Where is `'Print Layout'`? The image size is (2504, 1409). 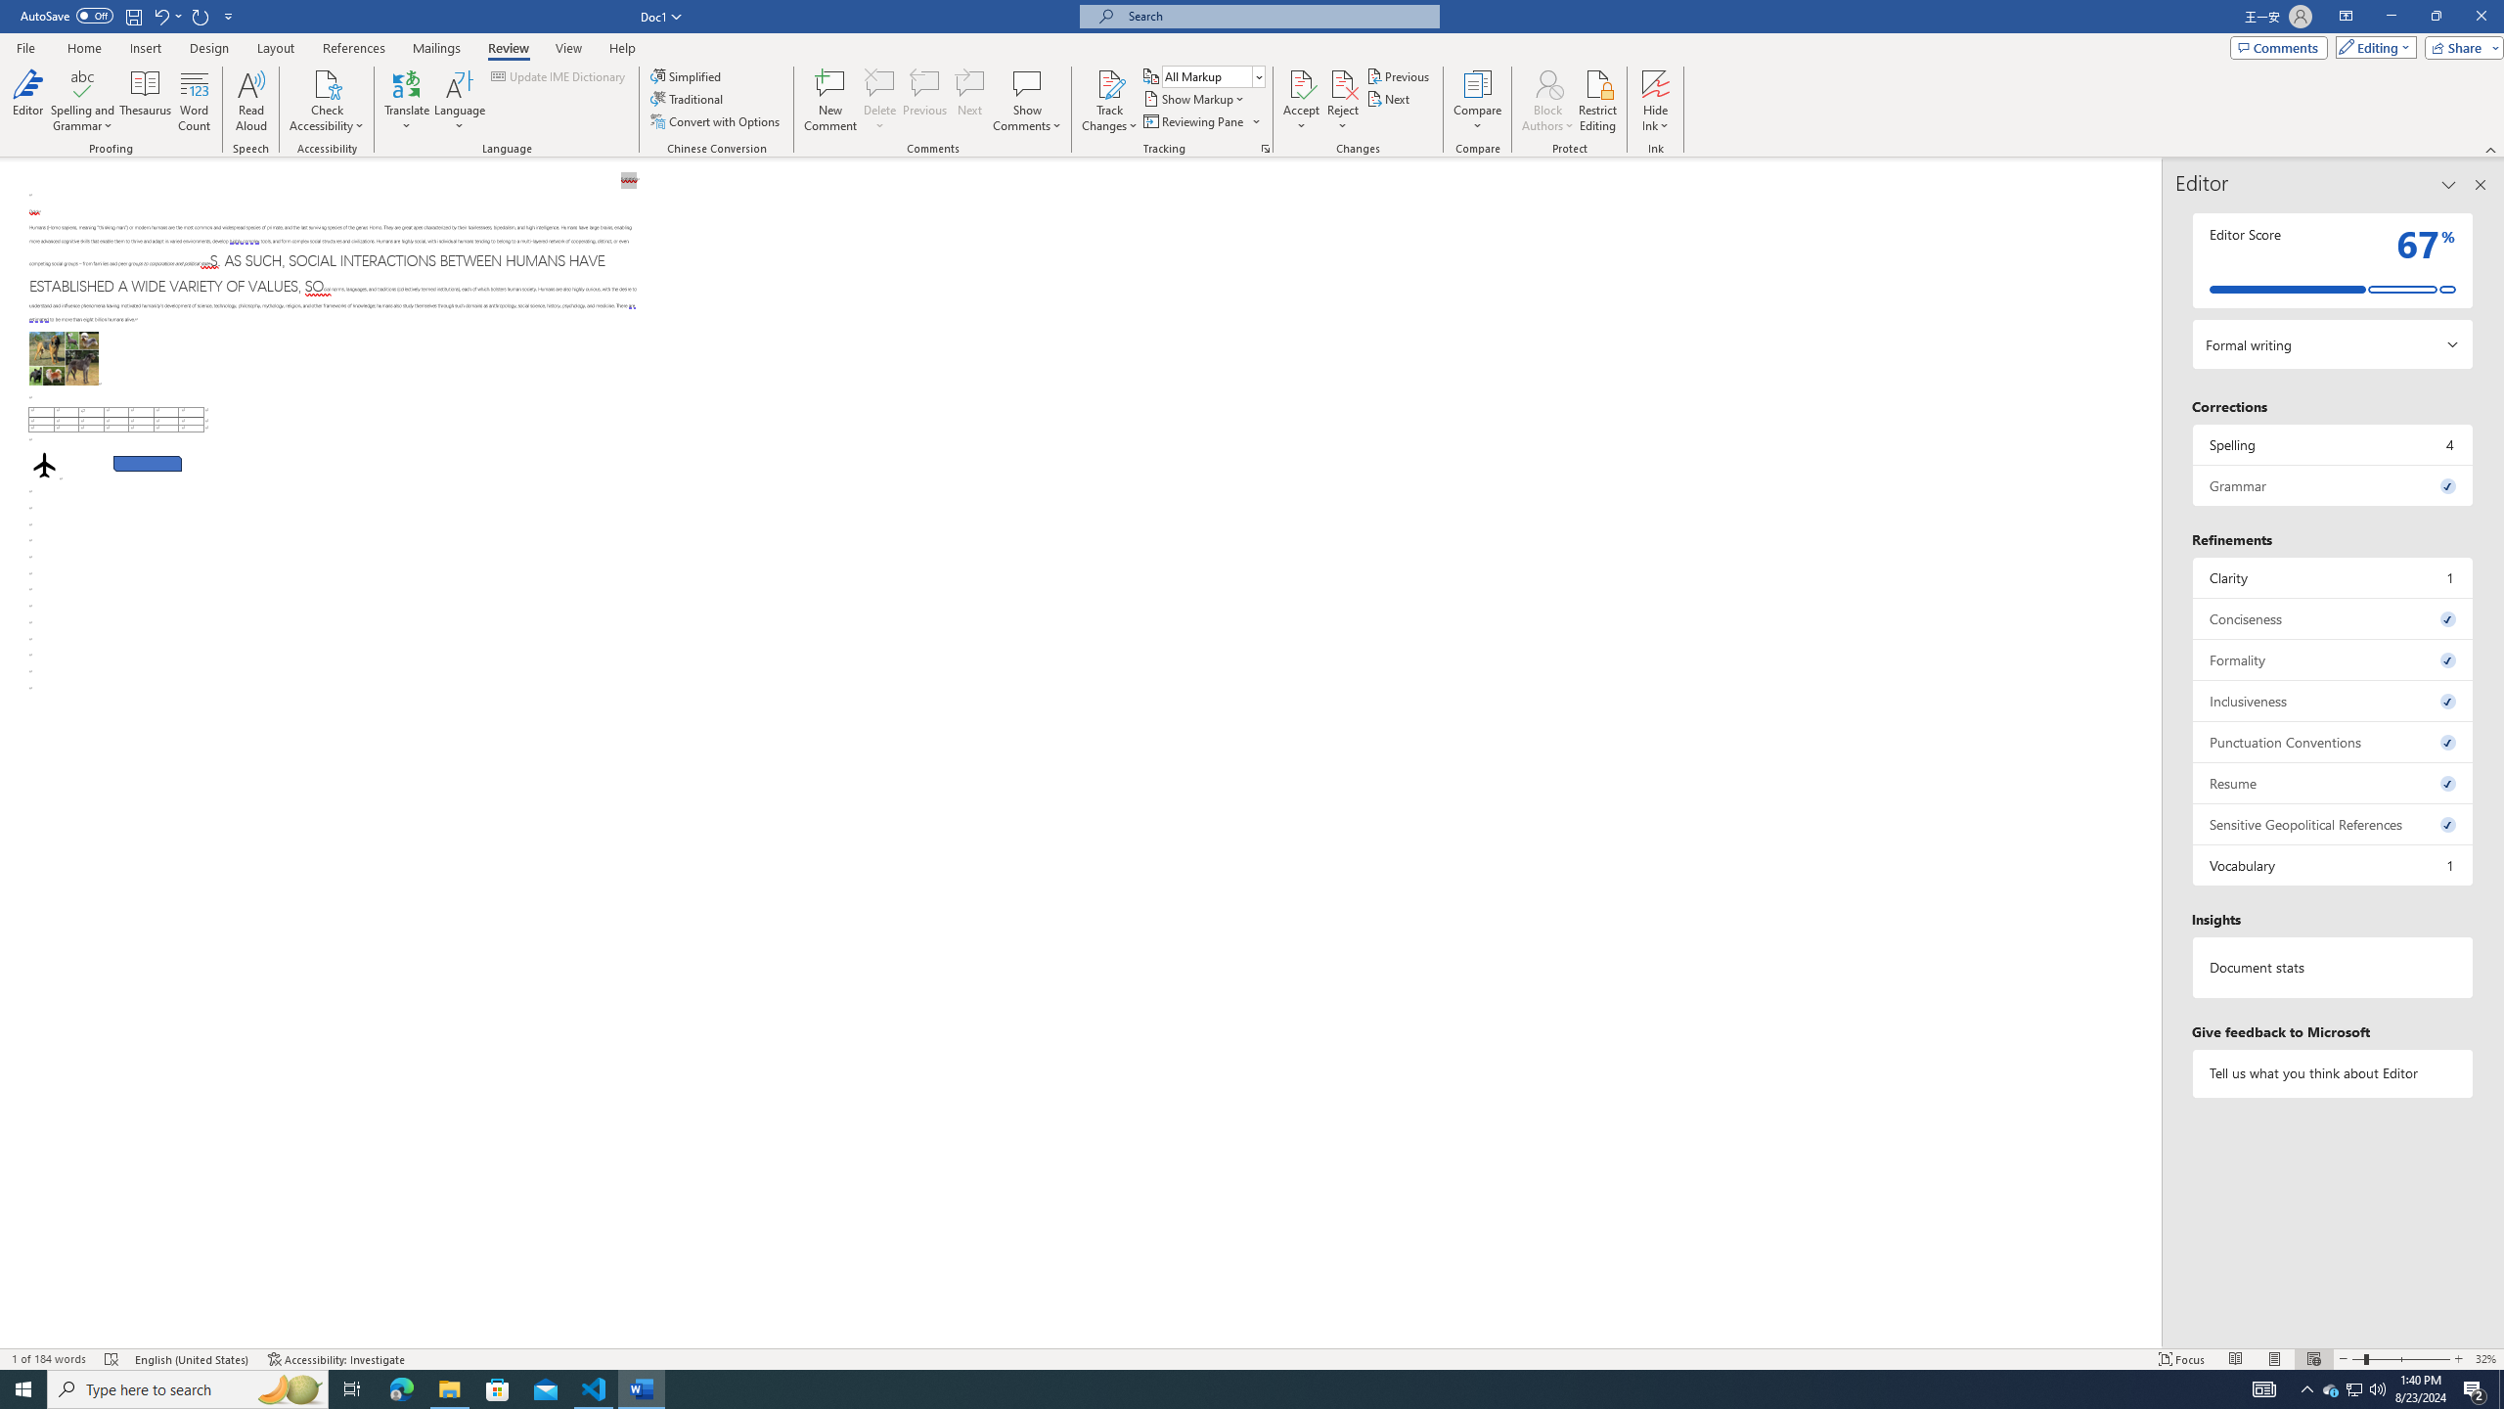
'Print Layout' is located at coordinates (2273, 1359).